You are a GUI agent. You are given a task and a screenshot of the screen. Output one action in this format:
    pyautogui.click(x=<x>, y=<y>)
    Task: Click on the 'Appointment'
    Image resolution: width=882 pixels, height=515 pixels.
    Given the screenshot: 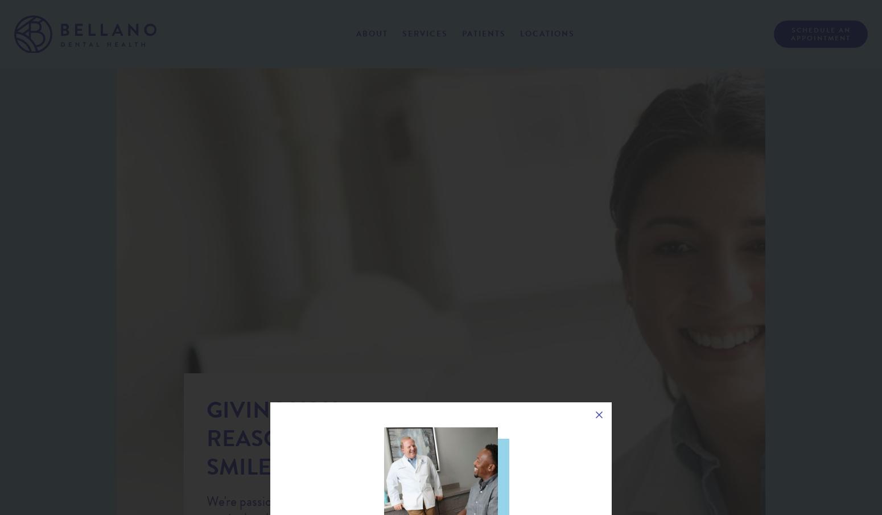 What is the action you would take?
    pyautogui.click(x=820, y=38)
    